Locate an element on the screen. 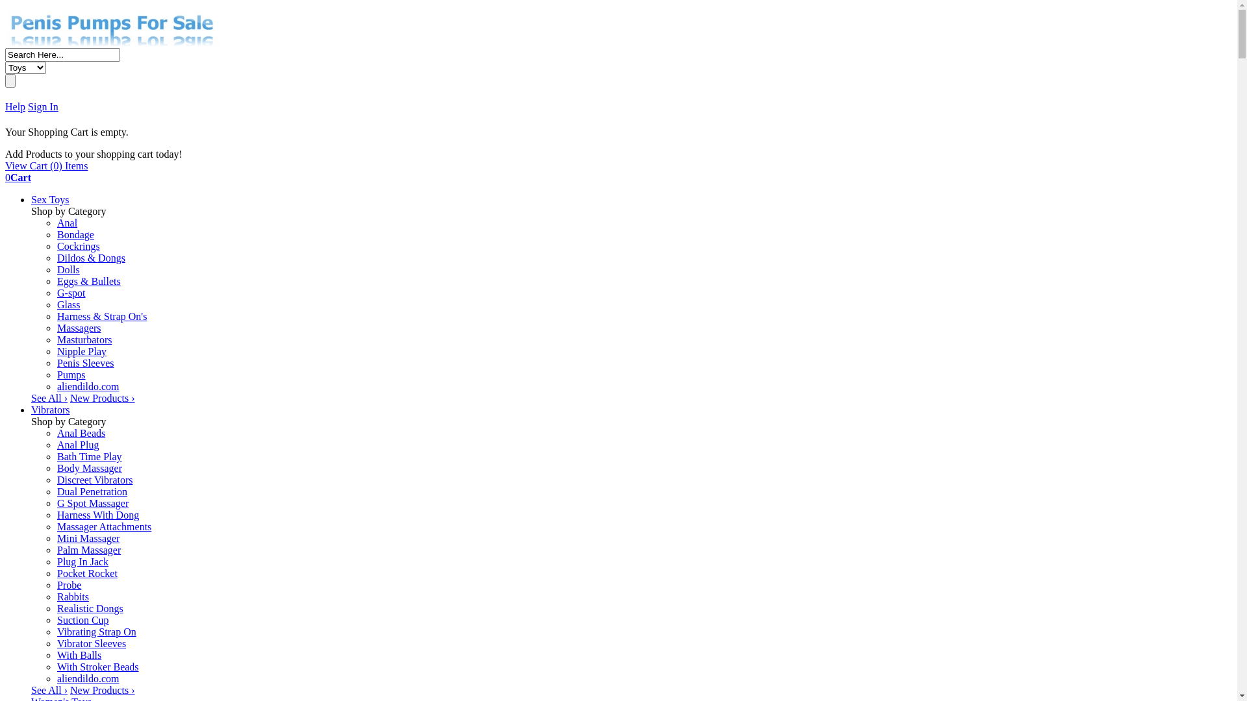  'aliendildo.com' is located at coordinates (87, 678).